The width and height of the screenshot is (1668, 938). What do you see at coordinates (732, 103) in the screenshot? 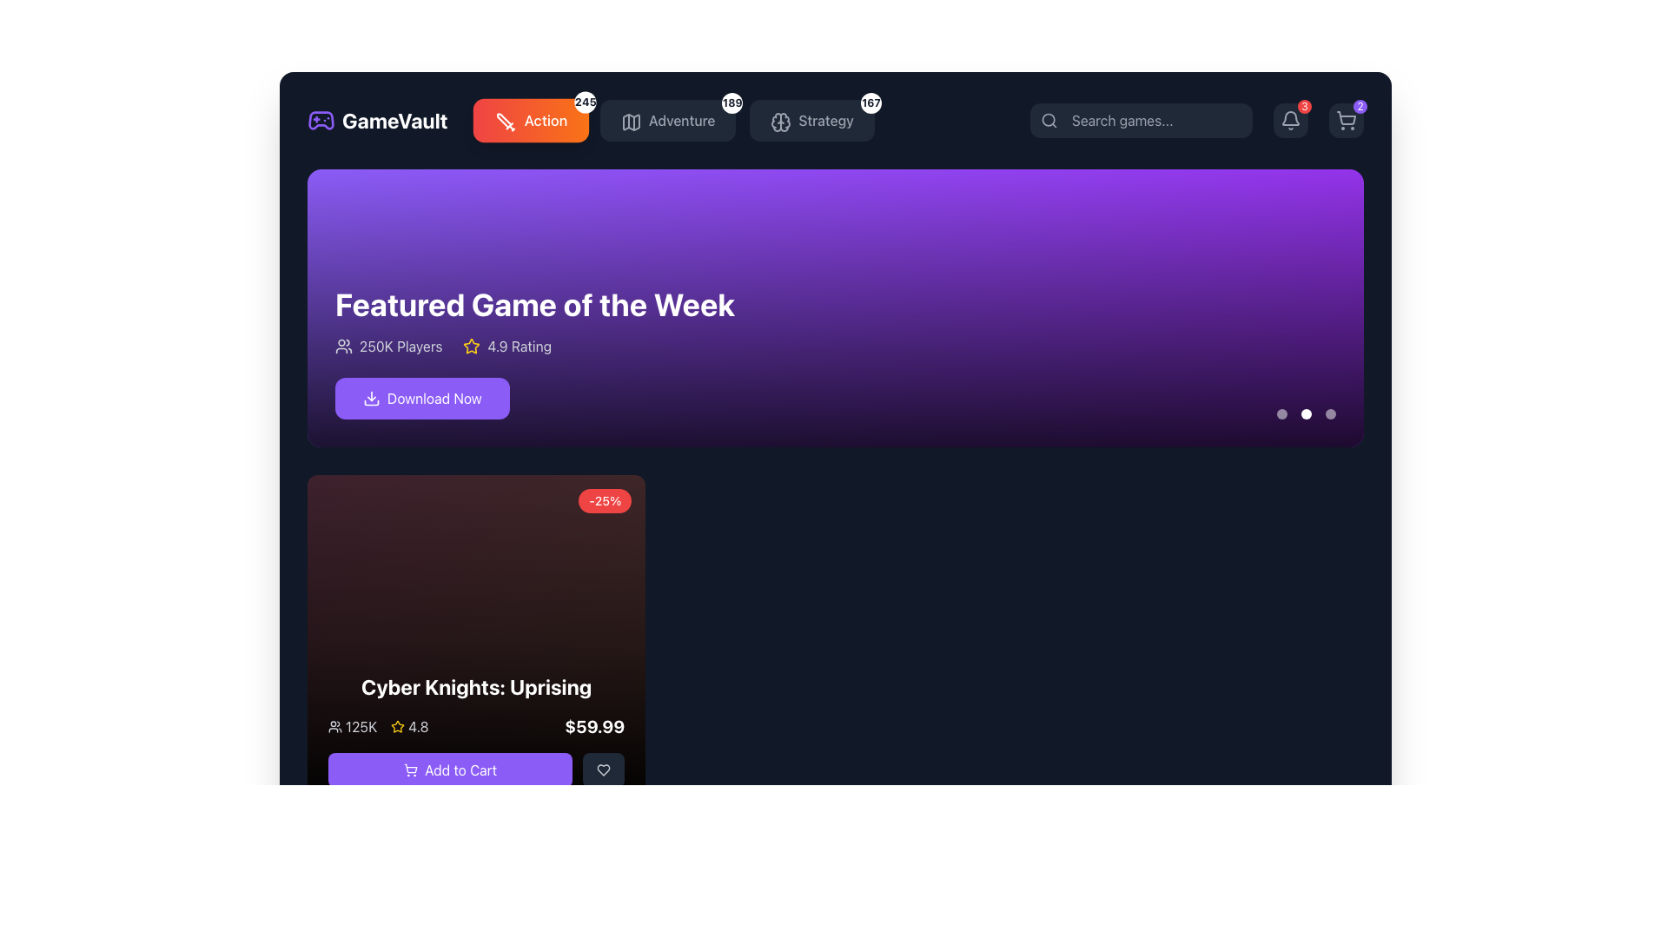
I see `the count on the Notification badge located at the top right of the 'Adventure' button in the horizontal navigation bar` at bounding box center [732, 103].